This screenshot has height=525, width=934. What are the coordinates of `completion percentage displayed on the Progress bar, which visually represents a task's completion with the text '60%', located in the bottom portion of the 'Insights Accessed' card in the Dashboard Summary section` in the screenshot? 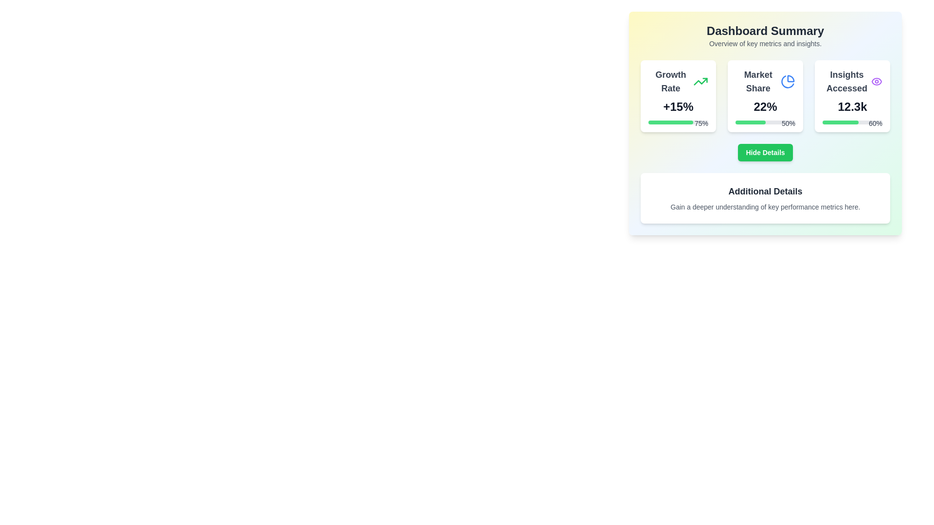 It's located at (852, 122).